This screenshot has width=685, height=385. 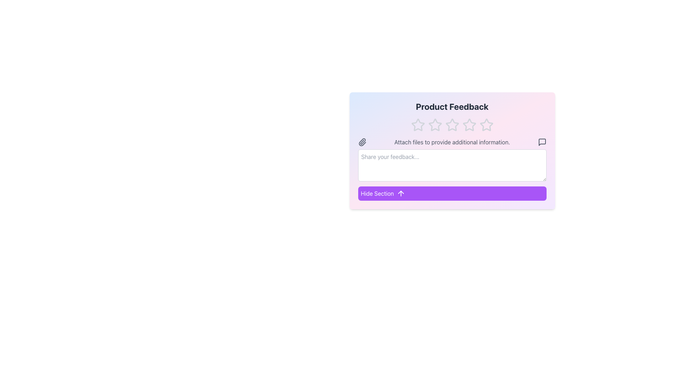 What do you see at coordinates (452, 125) in the screenshot?
I see `the fourth star icon in the 'Product Feedback' modal` at bounding box center [452, 125].